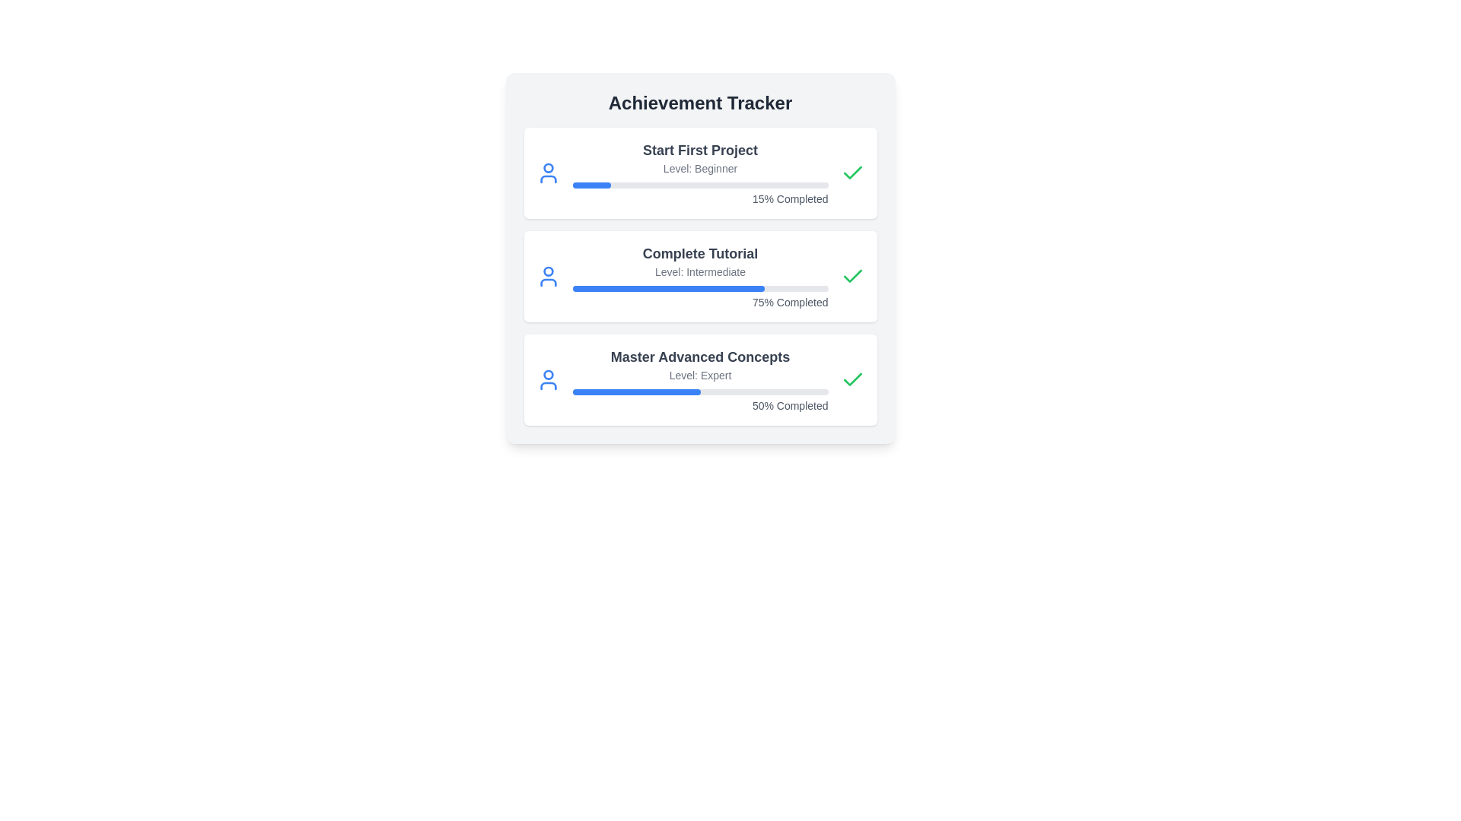 Image resolution: width=1461 pixels, height=821 pixels. I want to click on progress details from the Panel/Group Component titled 'Master Advanced Concepts' that shows 50% completion with a blue progress bar, so click(699, 379).